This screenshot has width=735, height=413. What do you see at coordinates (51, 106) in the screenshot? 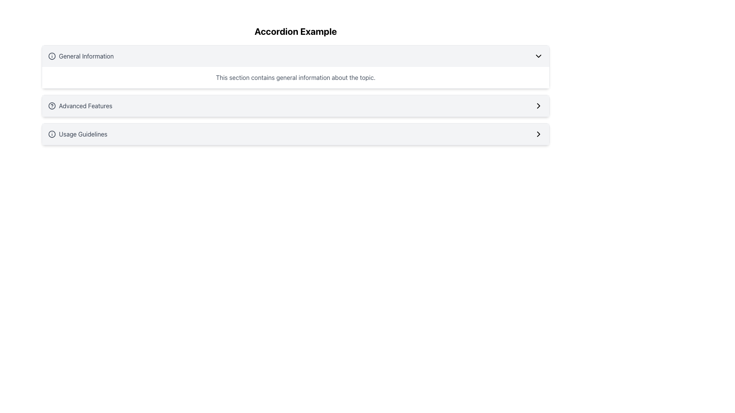
I see `the circular help icon component located adjacent to the 'Advanced Features' entry in the accordion interface` at bounding box center [51, 106].